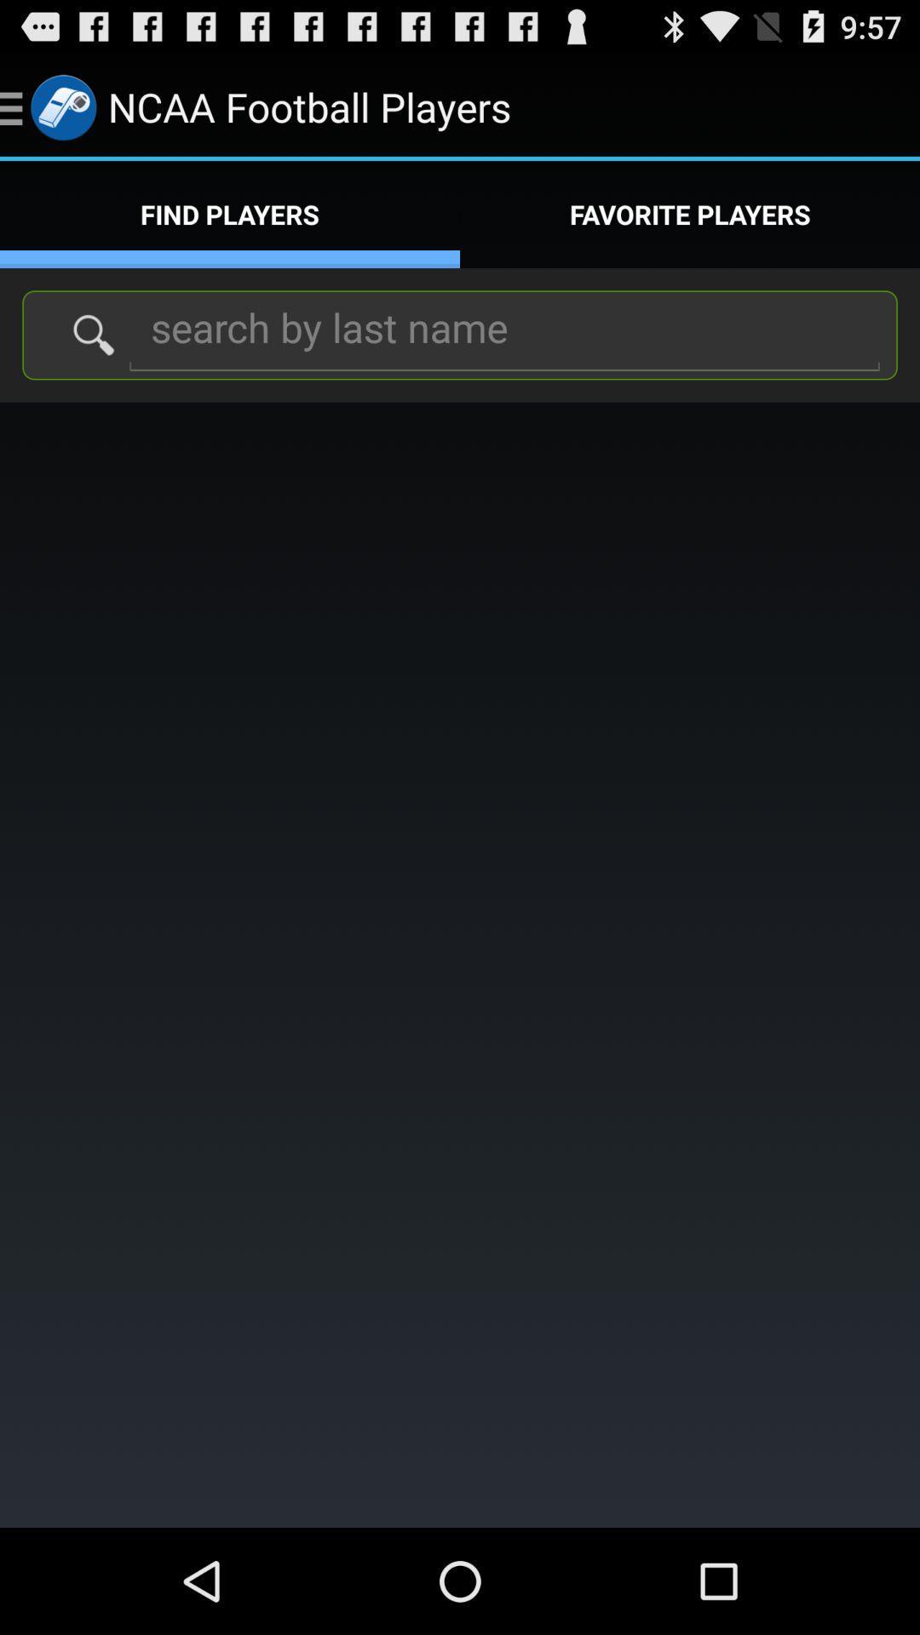 The image size is (920, 1635). I want to click on icon below the ncaa football players app, so click(690, 214).